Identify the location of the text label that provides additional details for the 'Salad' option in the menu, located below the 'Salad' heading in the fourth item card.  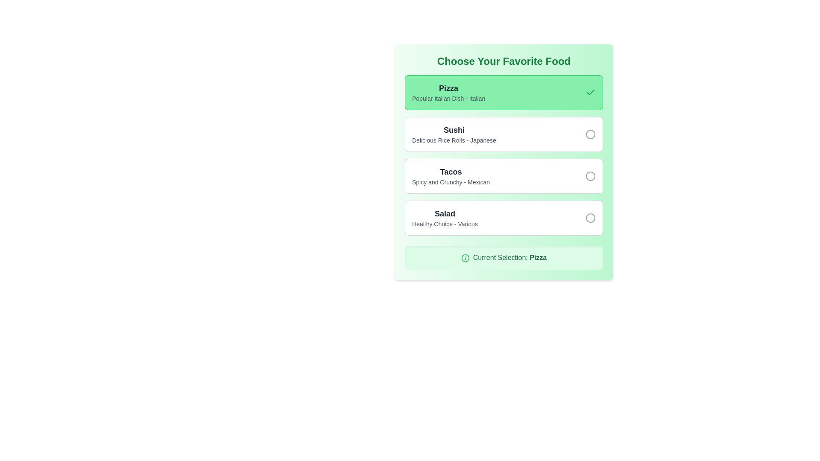
(444, 223).